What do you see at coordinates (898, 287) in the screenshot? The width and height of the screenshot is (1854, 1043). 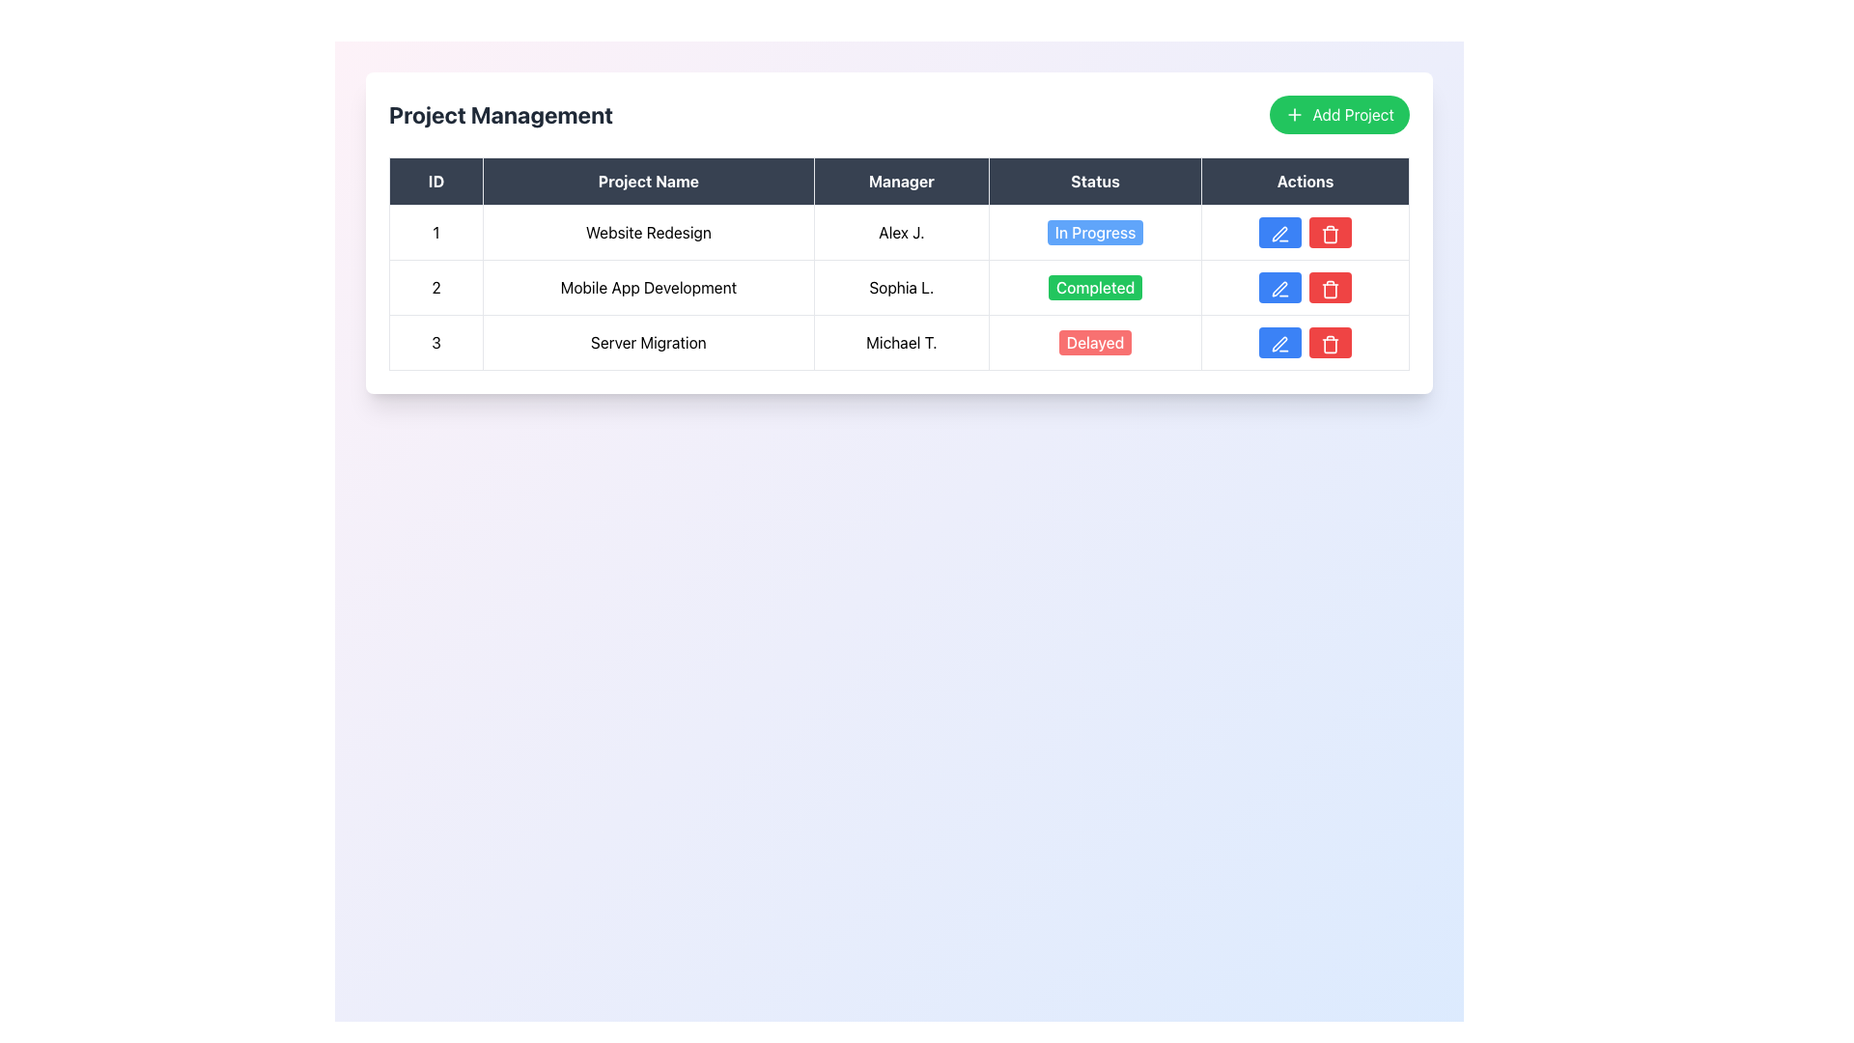 I see `the specific cell within the table row for the project entry titled 'Mobile App Development', which is located at the center coordinates provided` at bounding box center [898, 287].